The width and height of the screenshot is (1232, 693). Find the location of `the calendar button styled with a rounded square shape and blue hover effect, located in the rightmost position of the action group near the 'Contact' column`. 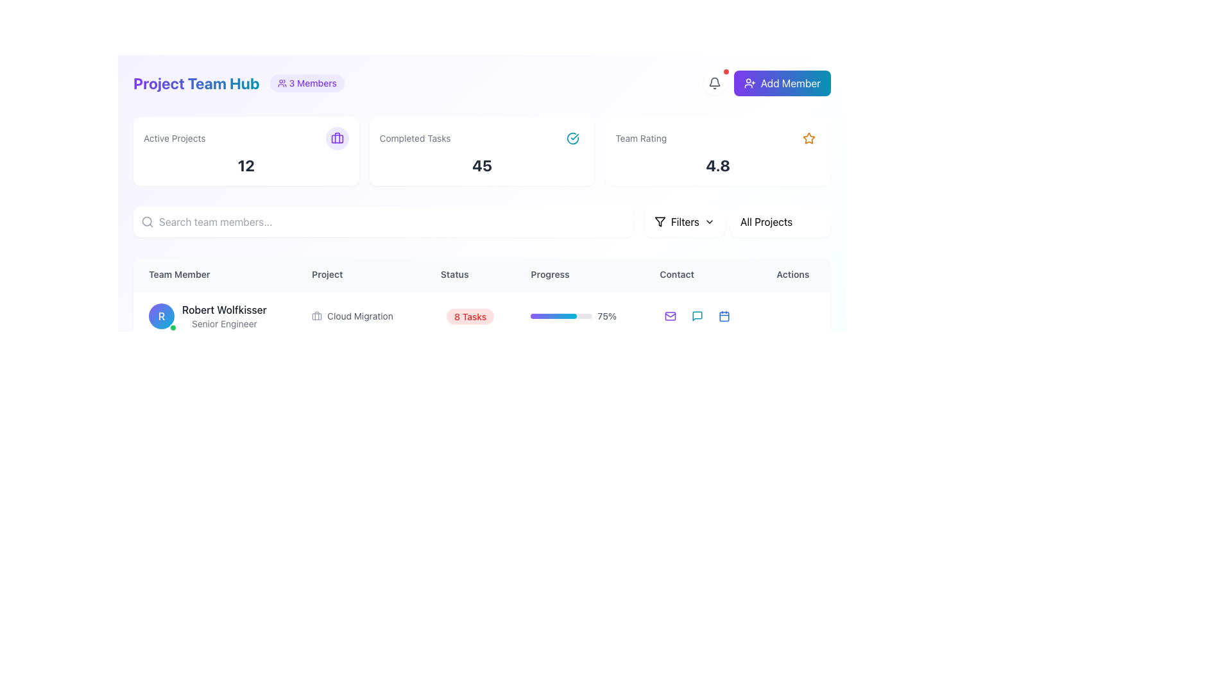

the calendar button styled with a rounded square shape and blue hover effect, located in the rightmost position of the action group near the 'Contact' column is located at coordinates (724, 365).